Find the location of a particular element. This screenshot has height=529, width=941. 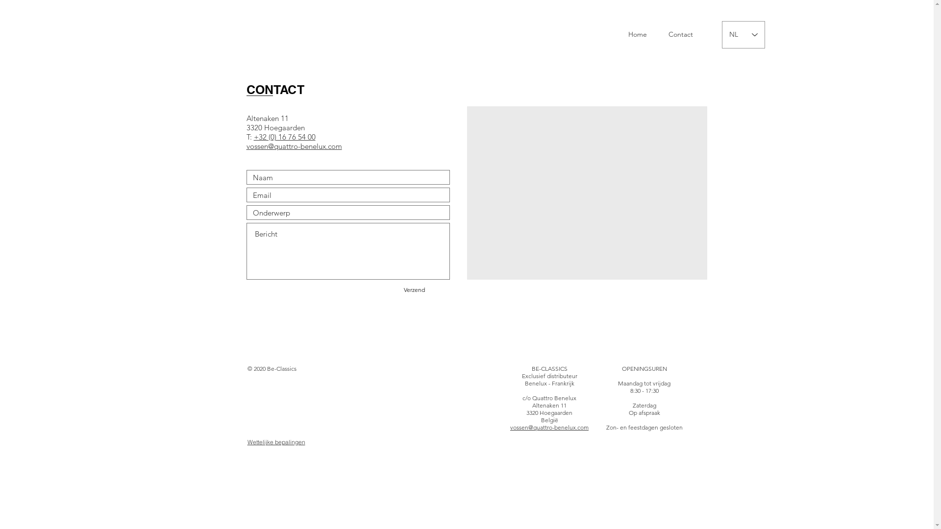

'+32 (0) 16 76 54 00' is located at coordinates (284, 137).